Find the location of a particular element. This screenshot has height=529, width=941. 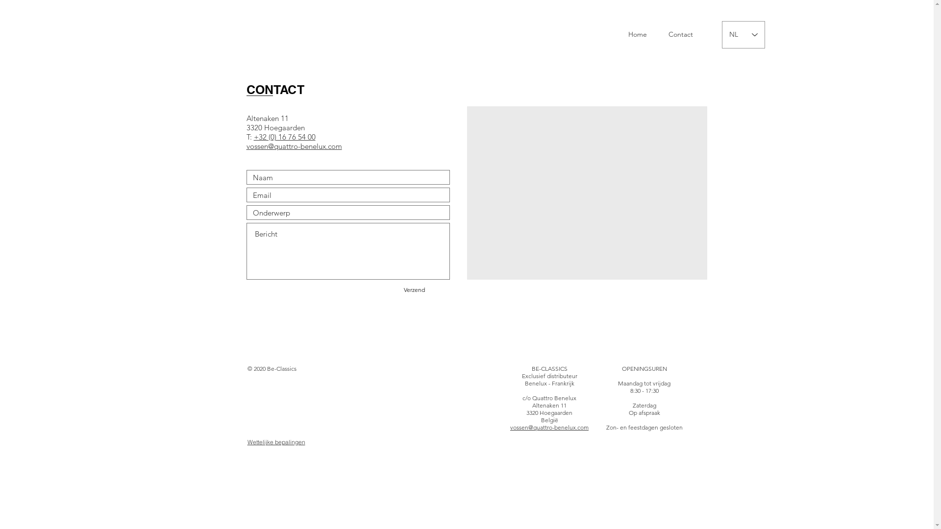

'+32 (0) 16 76 54 00' is located at coordinates (284, 137).